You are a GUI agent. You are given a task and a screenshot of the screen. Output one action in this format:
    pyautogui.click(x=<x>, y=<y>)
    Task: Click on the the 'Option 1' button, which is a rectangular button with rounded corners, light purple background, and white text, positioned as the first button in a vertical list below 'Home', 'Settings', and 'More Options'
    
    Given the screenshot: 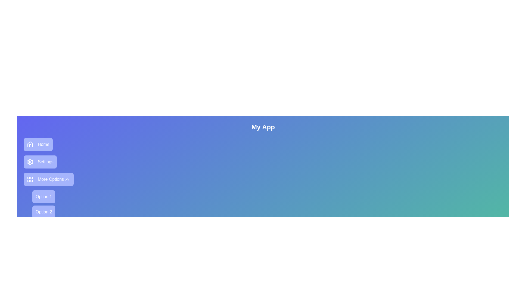 What is the action you would take?
    pyautogui.click(x=44, y=197)
    